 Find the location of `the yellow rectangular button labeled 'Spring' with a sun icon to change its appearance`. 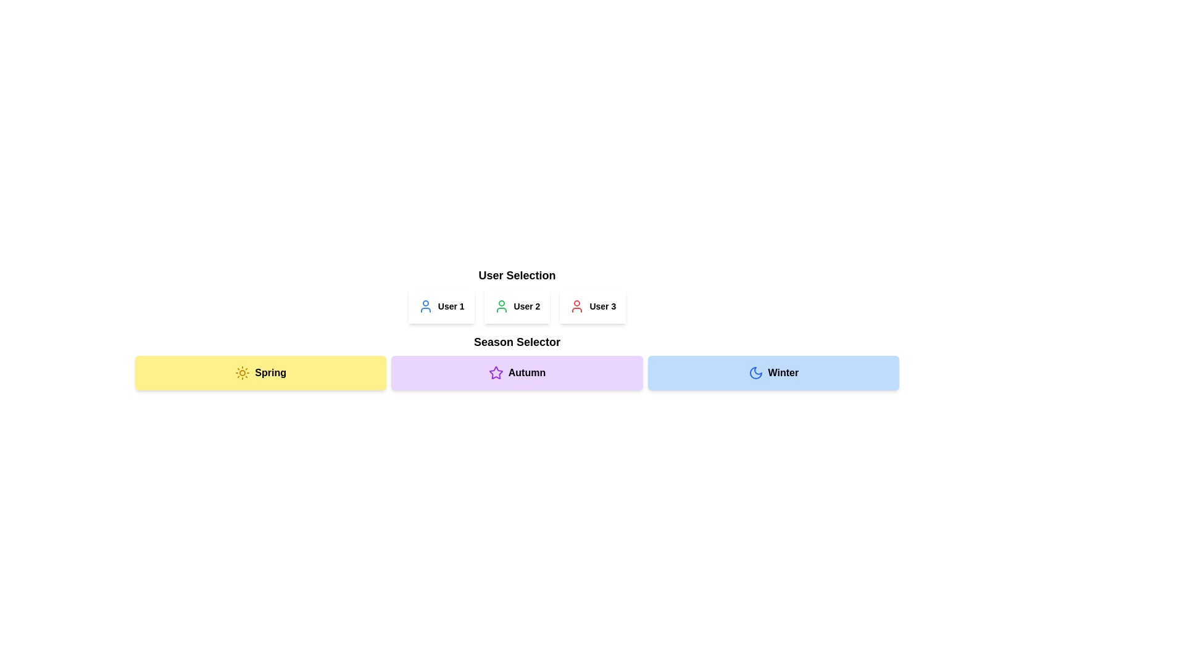

the yellow rectangular button labeled 'Spring' with a sun icon to change its appearance is located at coordinates (260, 372).